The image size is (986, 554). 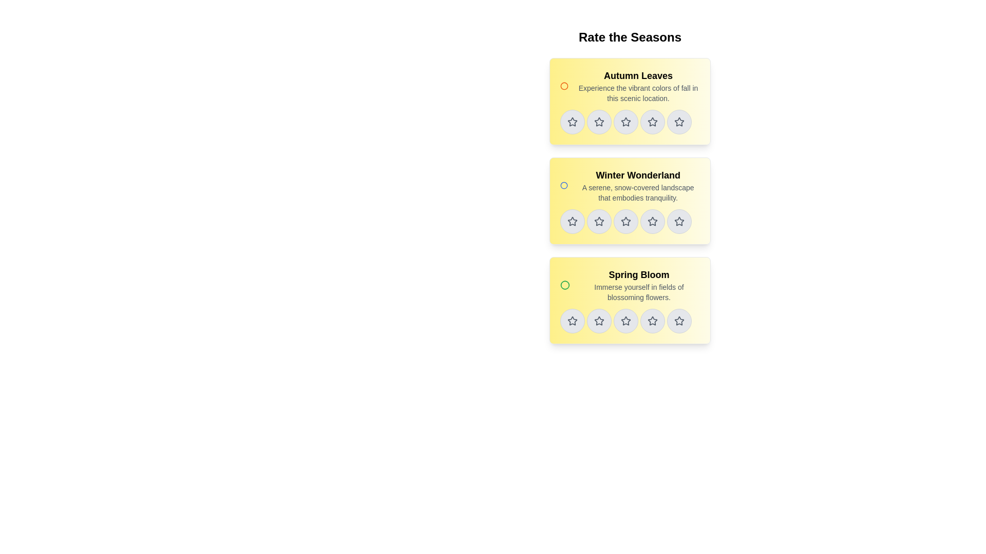 I want to click on the second star icon in the rating tool under the 'Autumn Leaves' section, so click(x=625, y=122).